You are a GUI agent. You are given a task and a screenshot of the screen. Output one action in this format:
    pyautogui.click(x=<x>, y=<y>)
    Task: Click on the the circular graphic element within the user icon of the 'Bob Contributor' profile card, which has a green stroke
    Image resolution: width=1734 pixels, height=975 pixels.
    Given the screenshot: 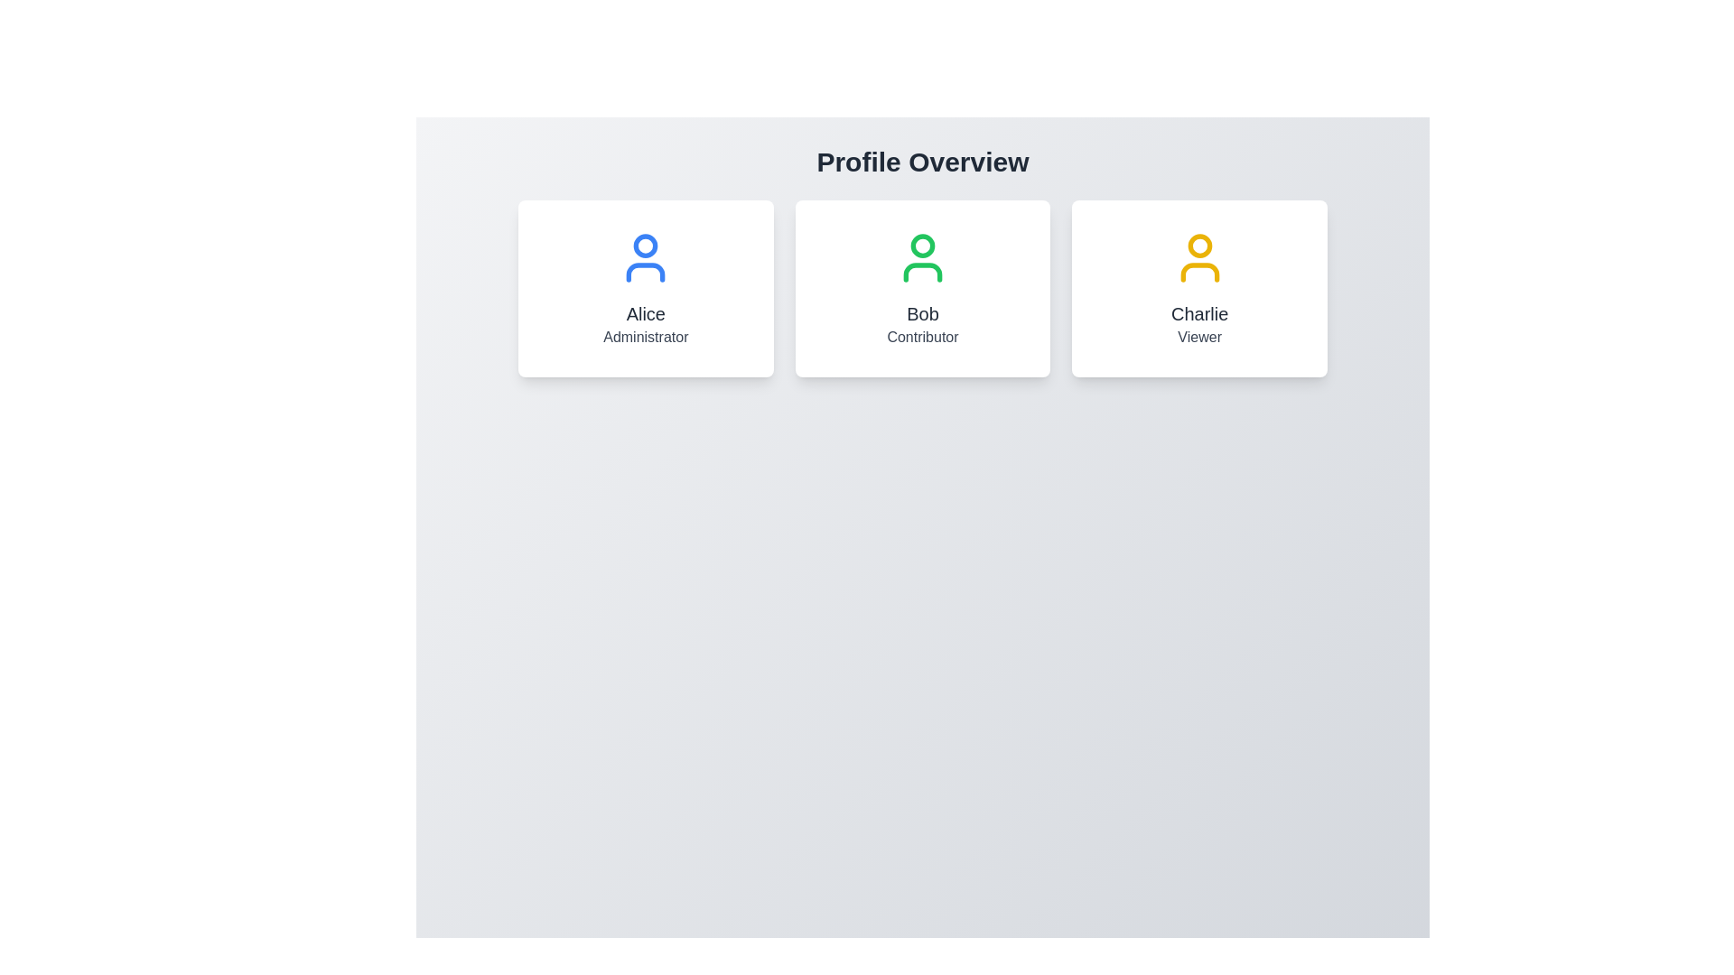 What is the action you would take?
    pyautogui.click(x=923, y=246)
    